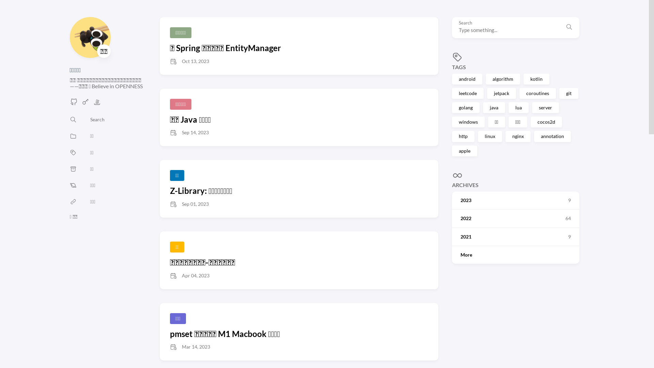  What do you see at coordinates (569, 93) in the screenshot?
I see `'git'` at bounding box center [569, 93].